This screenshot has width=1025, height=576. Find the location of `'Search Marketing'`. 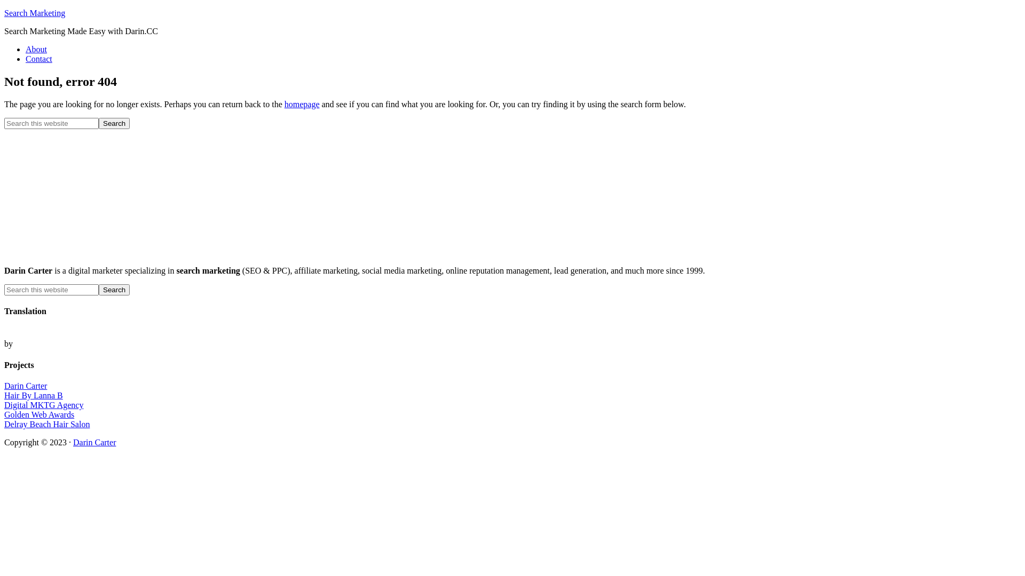

'Search Marketing' is located at coordinates (35, 13).